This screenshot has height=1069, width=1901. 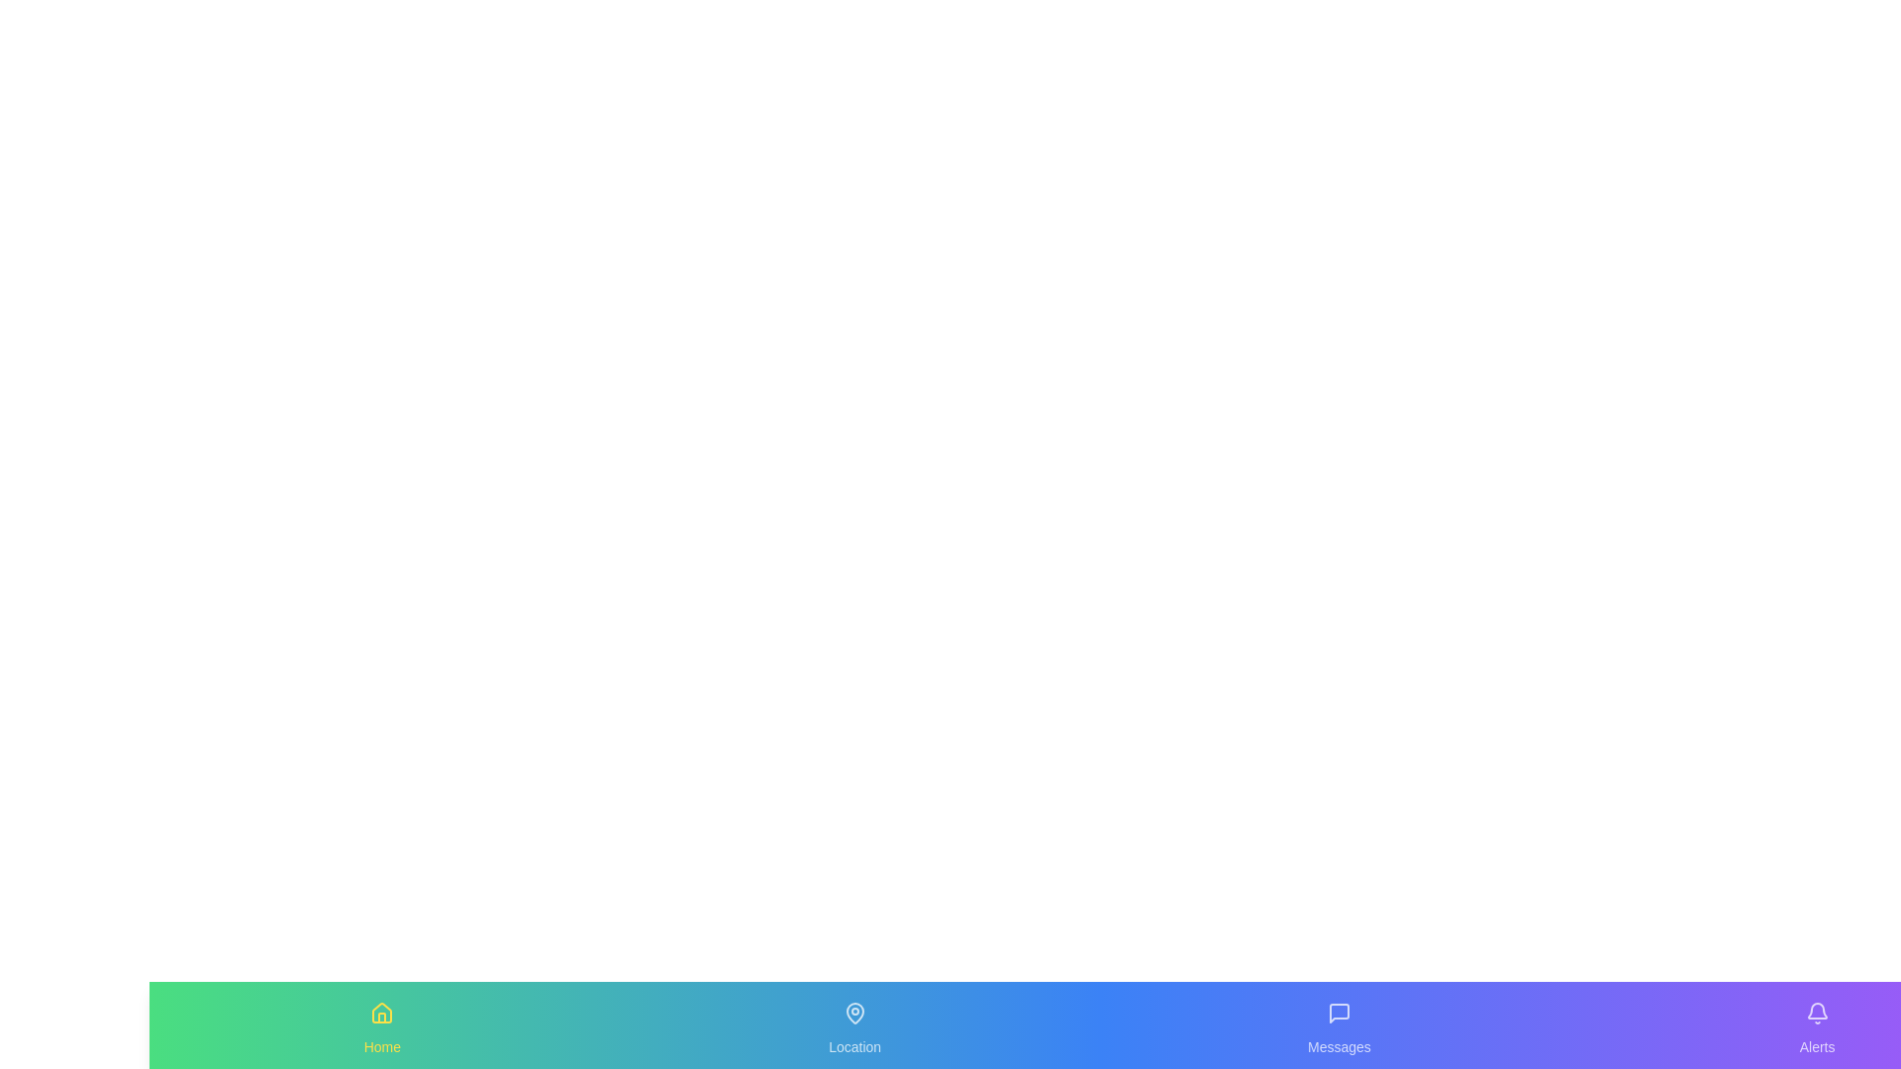 What do you see at coordinates (1816, 1013) in the screenshot?
I see `the icon labeled 'Alerts' to observe its hover effect` at bounding box center [1816, 1013].